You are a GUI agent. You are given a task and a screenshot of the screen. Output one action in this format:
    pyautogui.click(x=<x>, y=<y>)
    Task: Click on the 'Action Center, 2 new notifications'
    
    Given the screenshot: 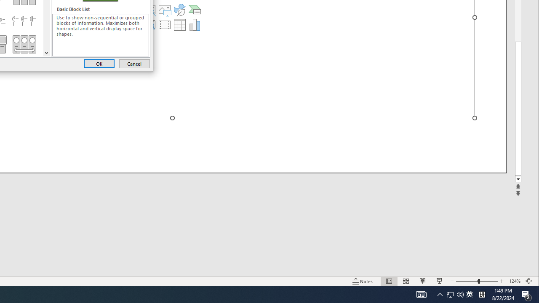 What is the action you would take?
    pyautogui.click(x=526, y=294)
    